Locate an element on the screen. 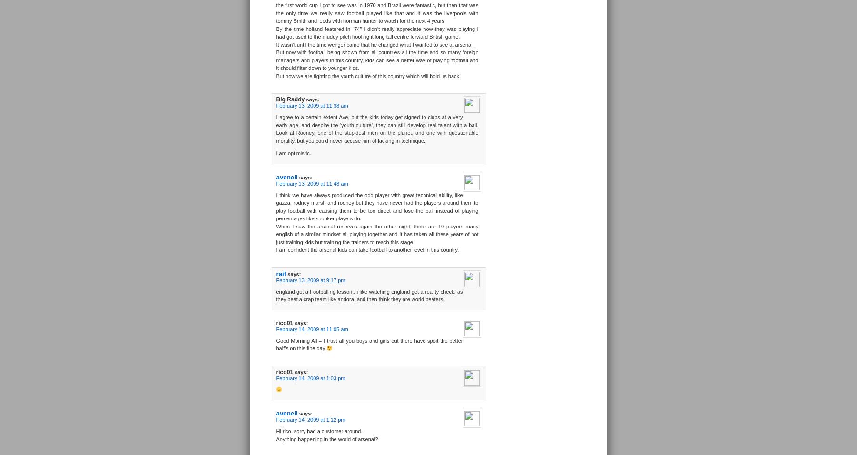 This screenshot has width=857, height=455. 'It wasn’t until the time wenger came that he changed what I wanted to see at arsenal.' is located at coordinates (374, 44).